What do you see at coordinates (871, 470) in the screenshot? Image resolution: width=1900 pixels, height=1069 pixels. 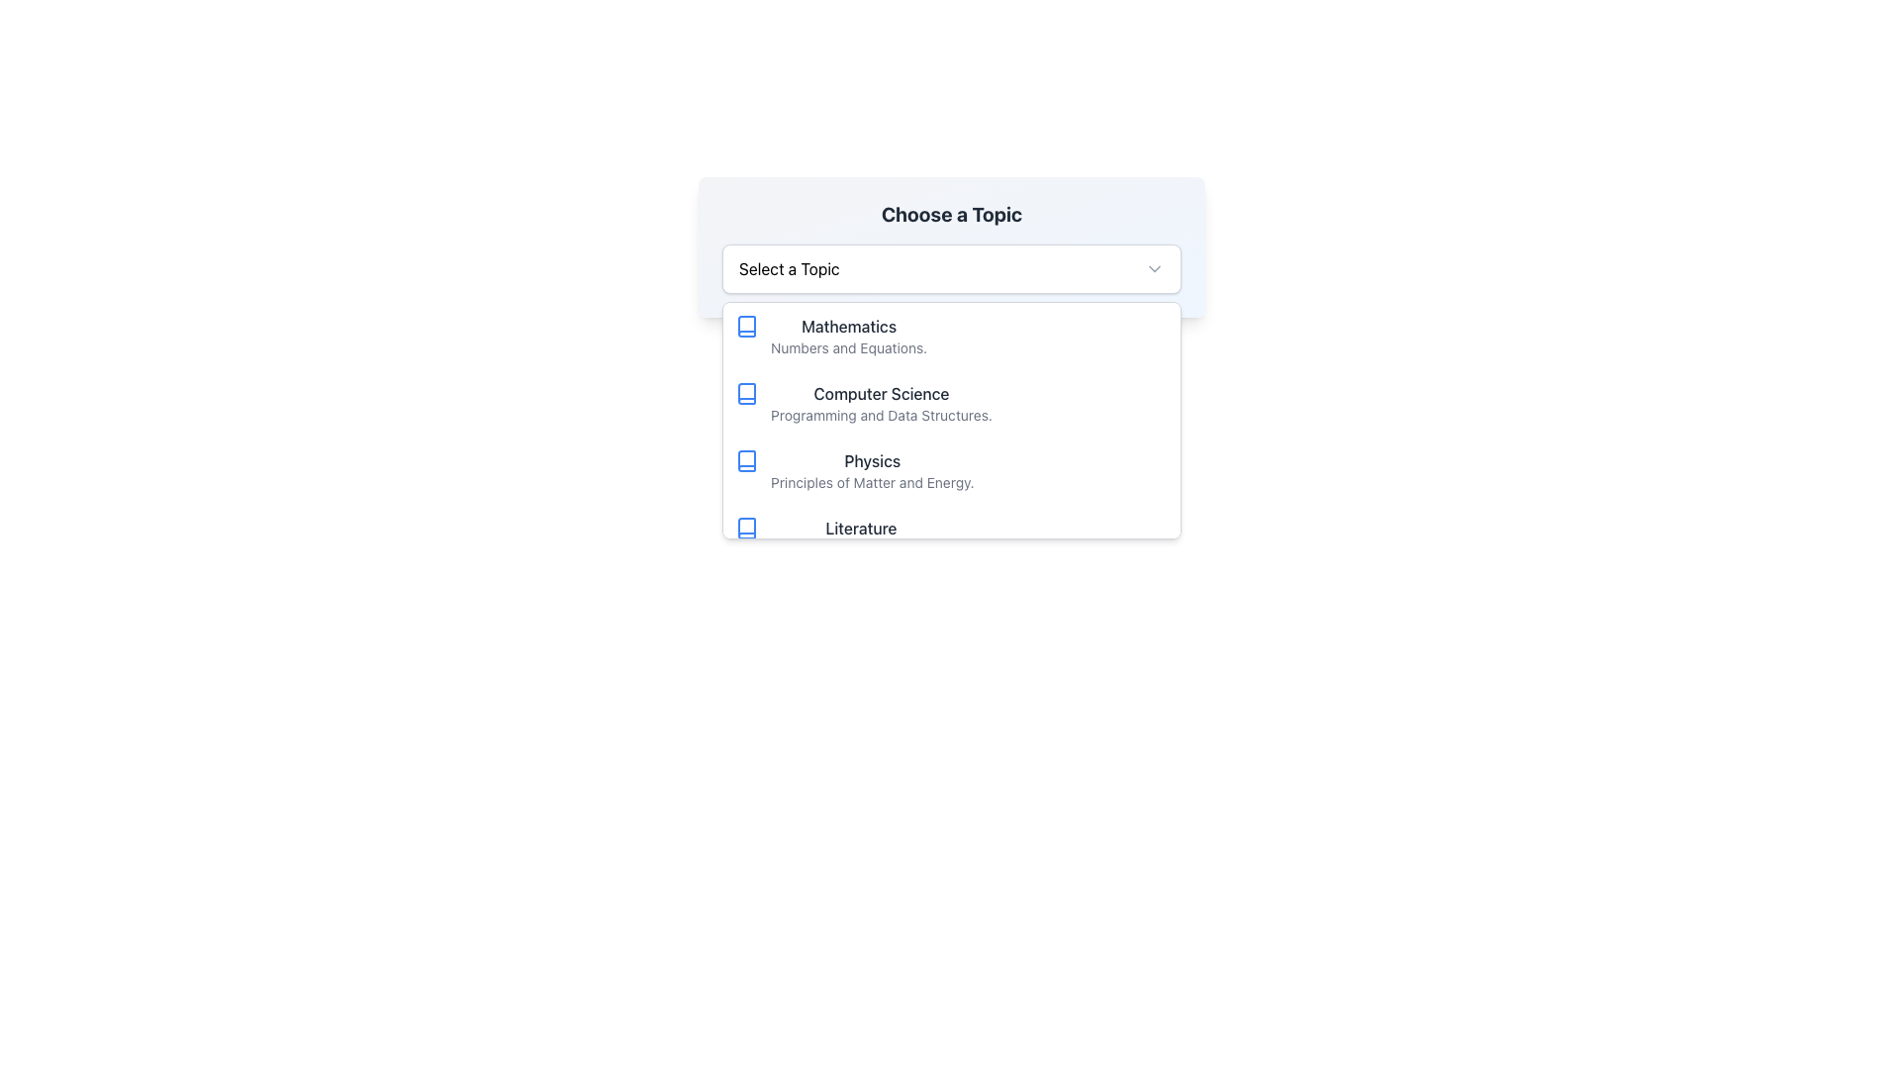 I see `to select the 'Physics' topic from the dropdown menu, which displays the text 'Physics' in bold with a description underneath` at bounding box center [871, 470].